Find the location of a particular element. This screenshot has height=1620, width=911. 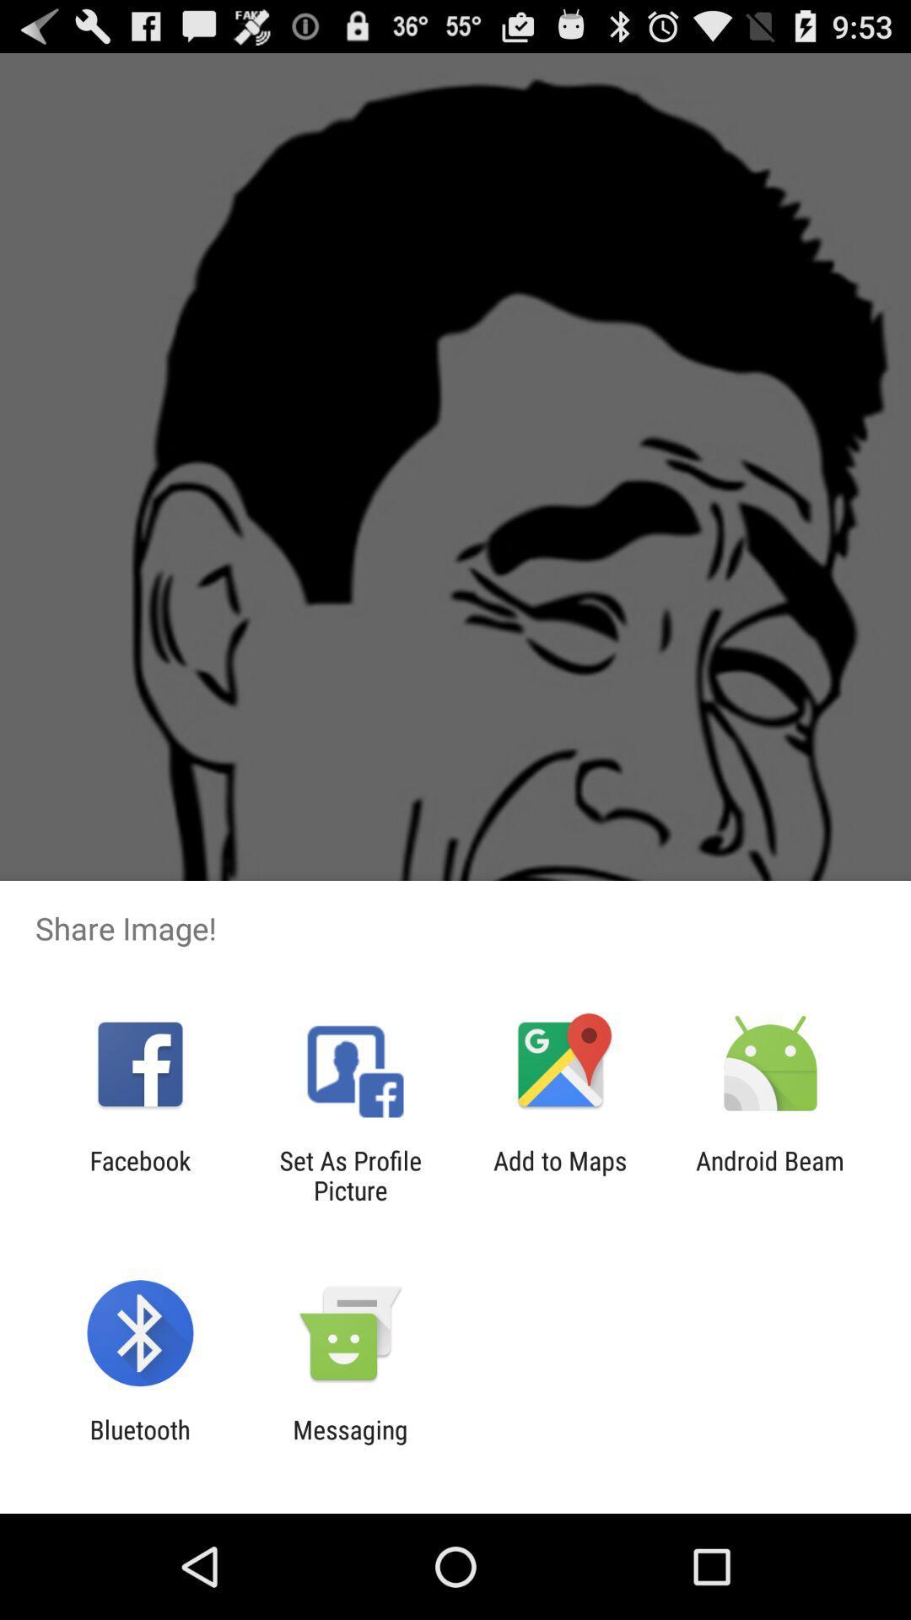

icon next to bluetooth item is located at coordinates (349, 1444).